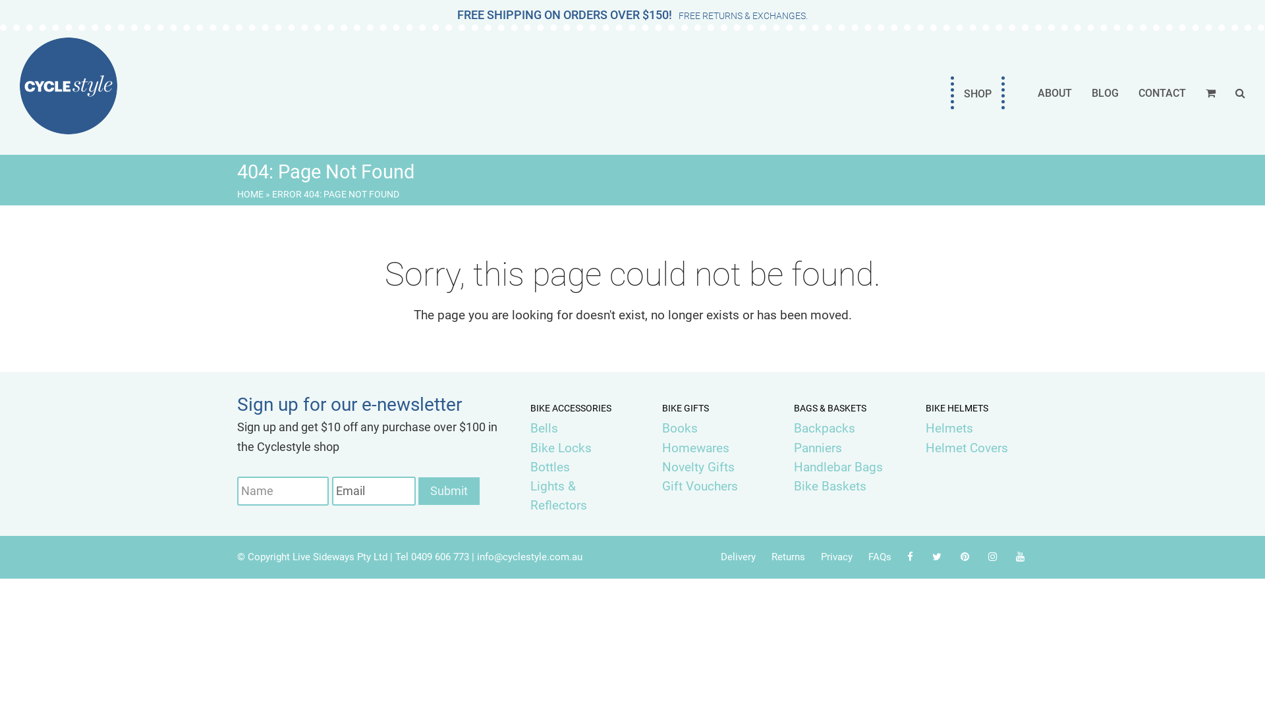 The image size is (1265, 711). What do you see at coordinates (880, 556) in the screenshot?
I see `'FAQs'` at bounding box center [880, 556].